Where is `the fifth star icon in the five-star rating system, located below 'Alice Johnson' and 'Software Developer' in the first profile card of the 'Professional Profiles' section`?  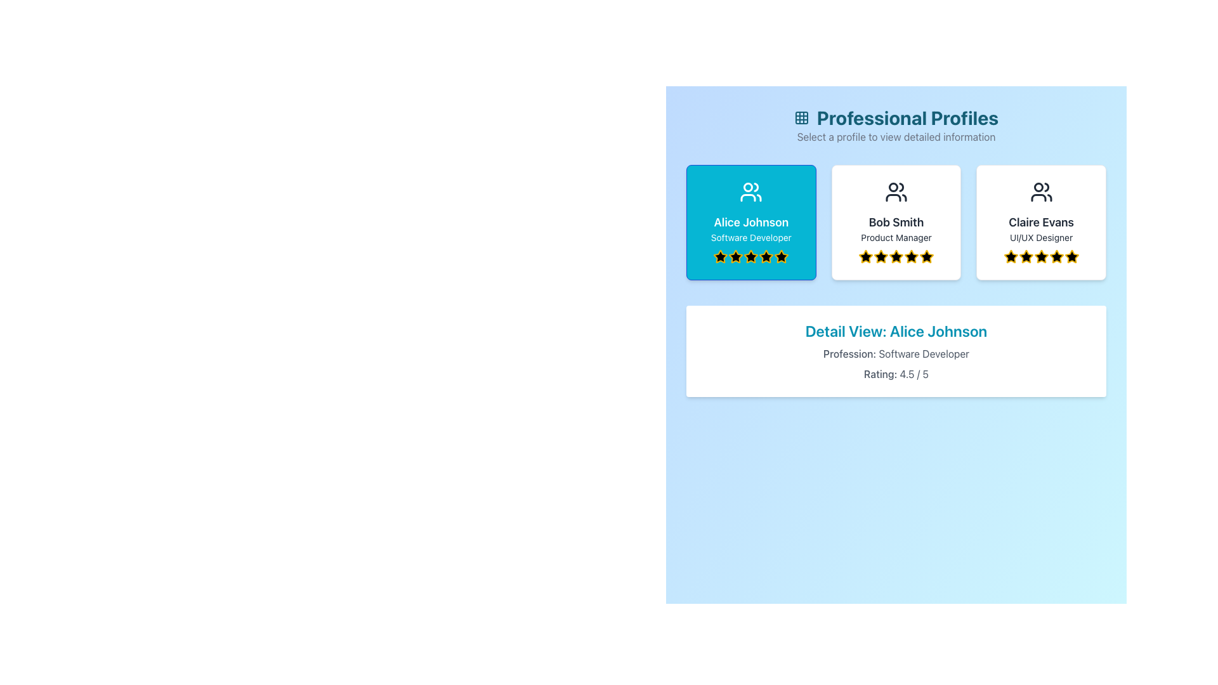 the fifth star icon in the five-star rating system, located below 'Alice Johnson' and 'Software Developer' in the first profile card of the 'Professional Profiles' section is located at coordinates (766, 257).